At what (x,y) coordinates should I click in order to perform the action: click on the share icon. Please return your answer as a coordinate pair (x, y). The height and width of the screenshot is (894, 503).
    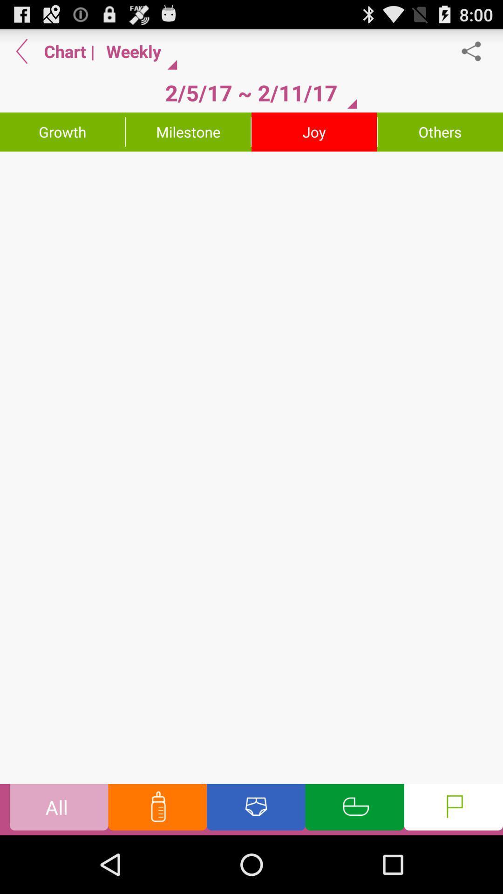
    Looking at the image, I should click on (476, 54).